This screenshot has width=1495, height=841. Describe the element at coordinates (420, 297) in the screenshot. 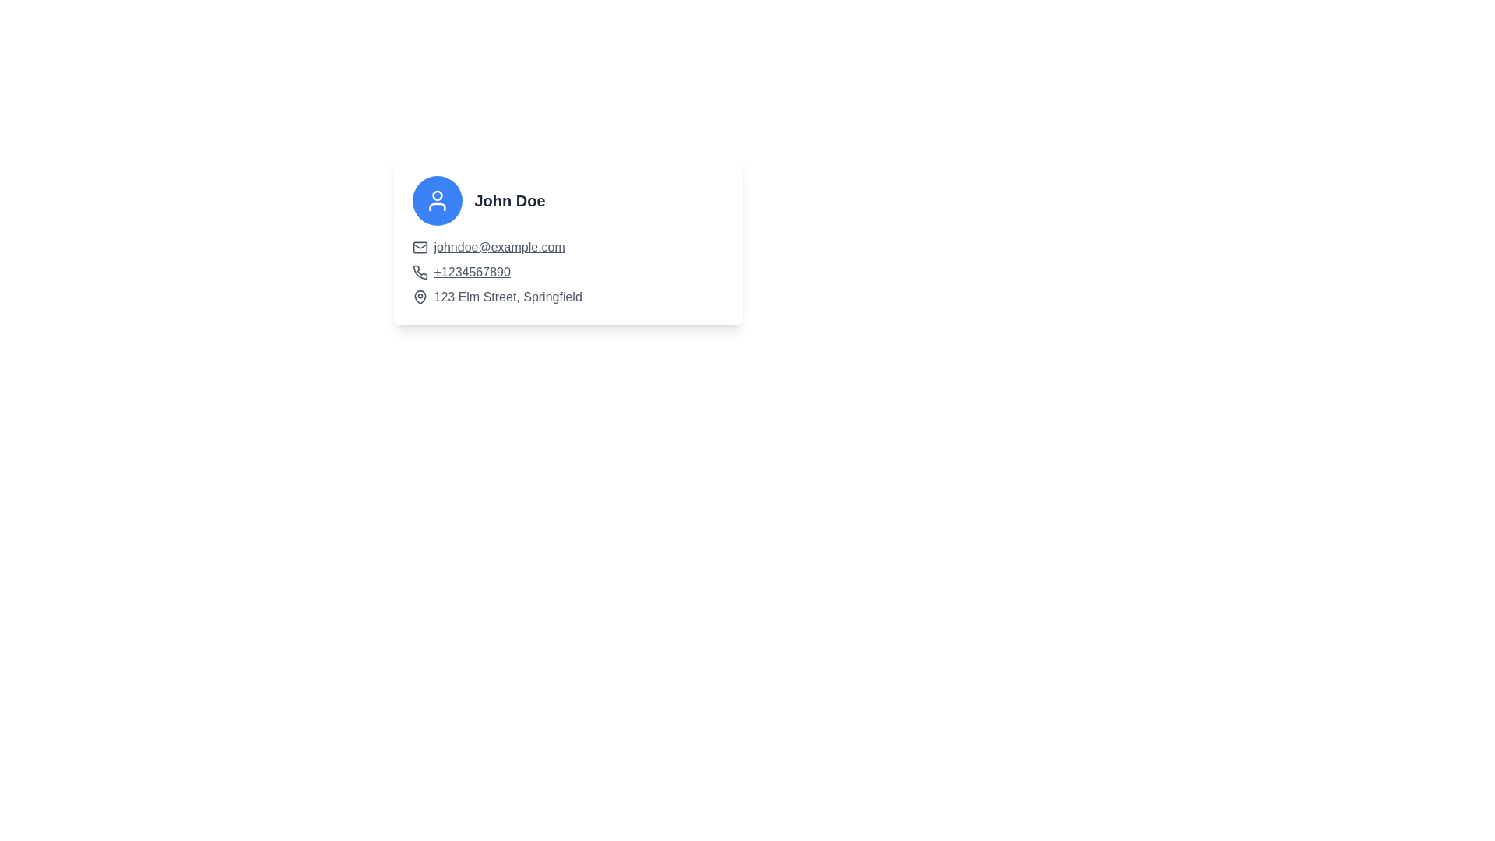

I see `the pin-shaped icon that visually represents the address '123 Elm Street, Springfield', located in the lower section of the card interface` at that location.